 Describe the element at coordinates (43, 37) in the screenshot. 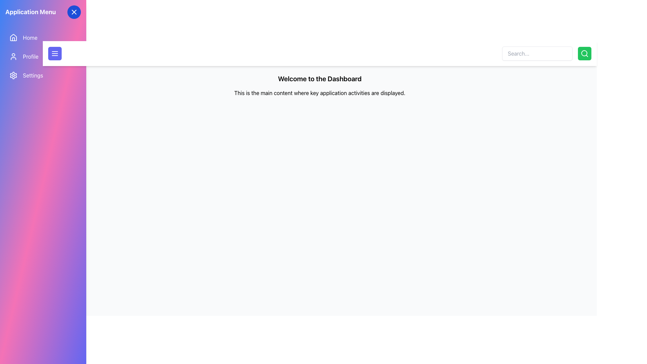

I see `the 'Home' button which is the first item in the vertical menu on the left-hand side, featuring a home icon and the text 'Home', to trigger the hover effect` at that location.